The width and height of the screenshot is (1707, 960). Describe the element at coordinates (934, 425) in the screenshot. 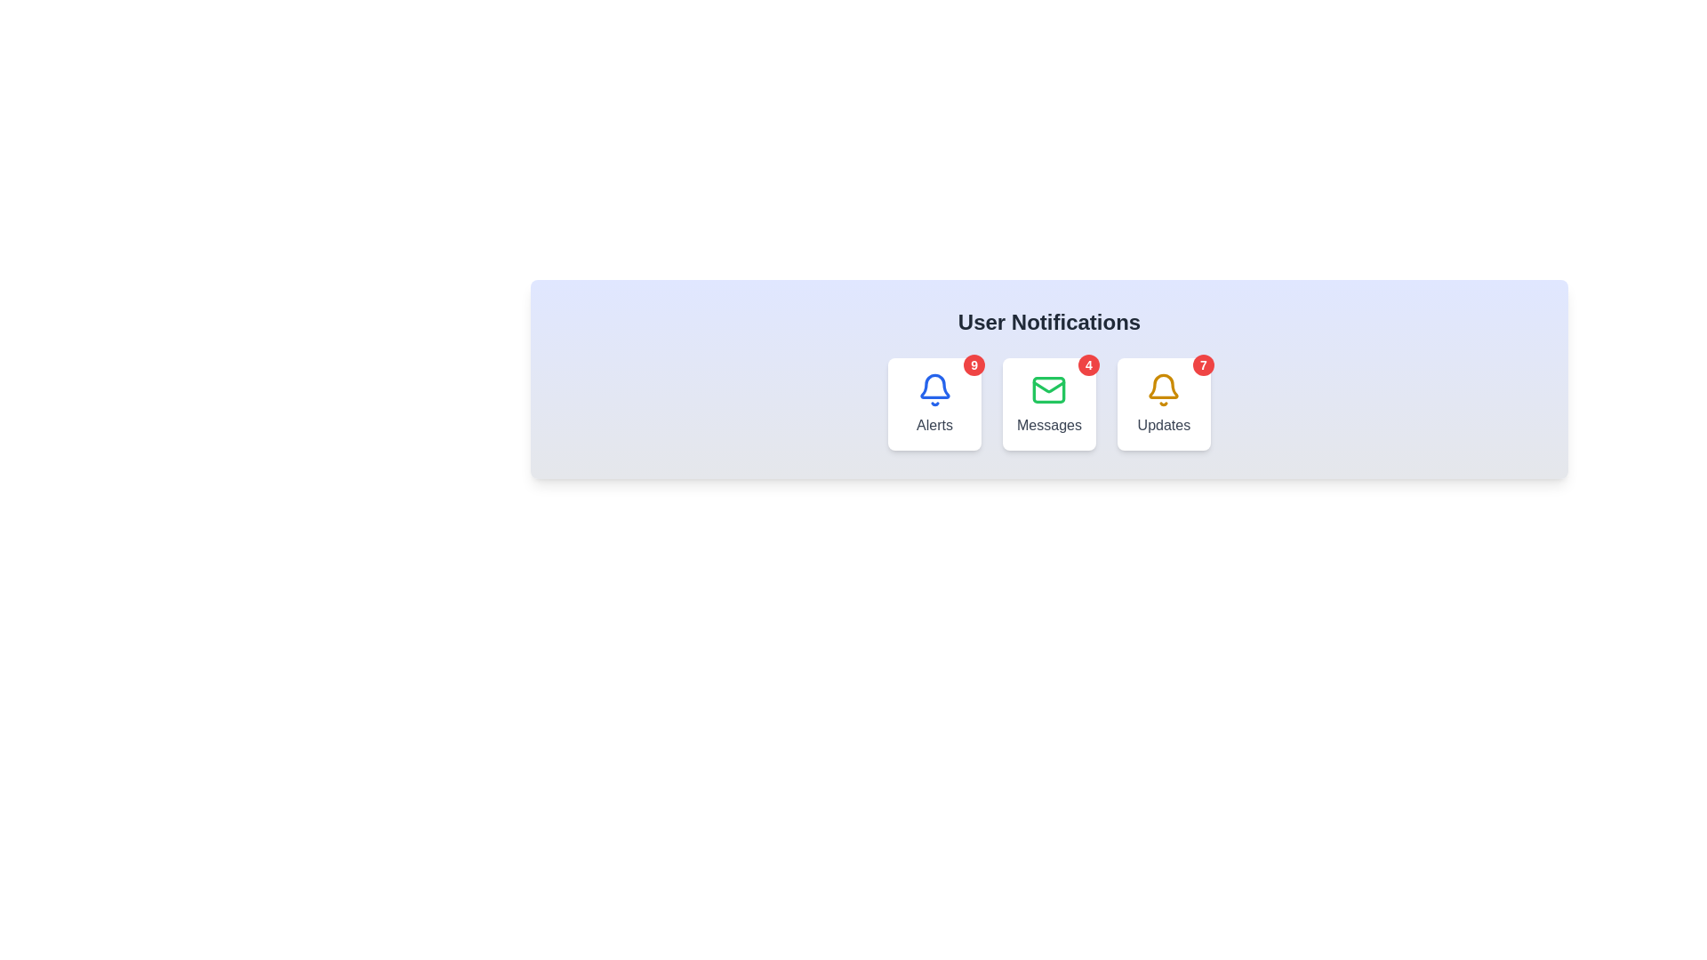

I see `the 'Alerts' label, which displays the word 'Alerts' in gray below the bell icon and notification count '9'` at that location.